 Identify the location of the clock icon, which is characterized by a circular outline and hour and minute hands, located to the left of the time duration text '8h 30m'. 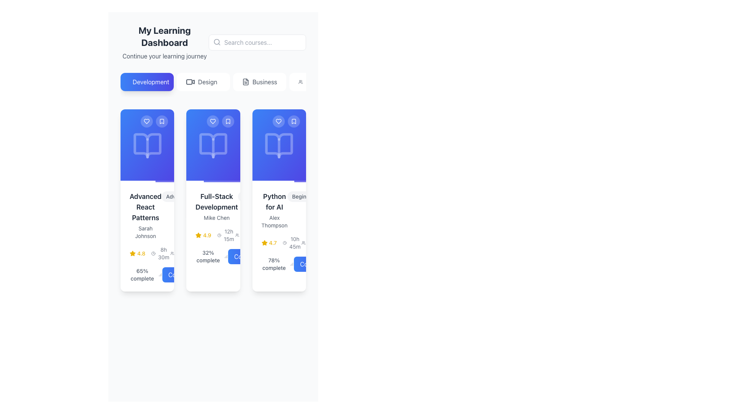
(153, 253).